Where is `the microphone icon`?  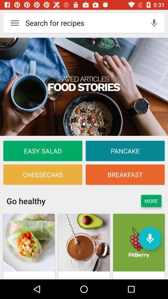 the microphone icon is located at coordinates (150, 238).